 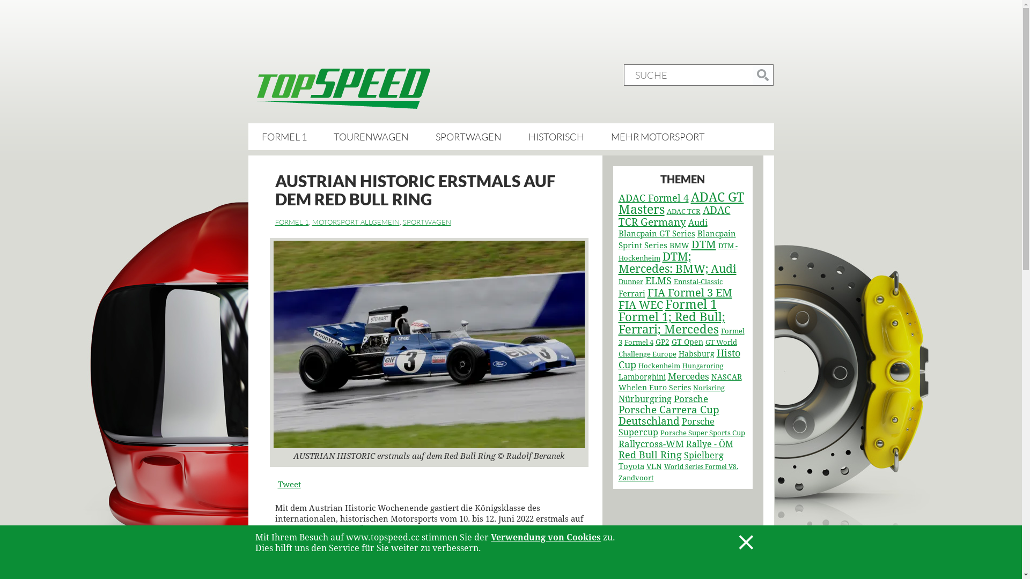 What do you see at coordinates (696, 353) in the screenshot?
I see `'Habsburg'` at bounding box center [696, 353].